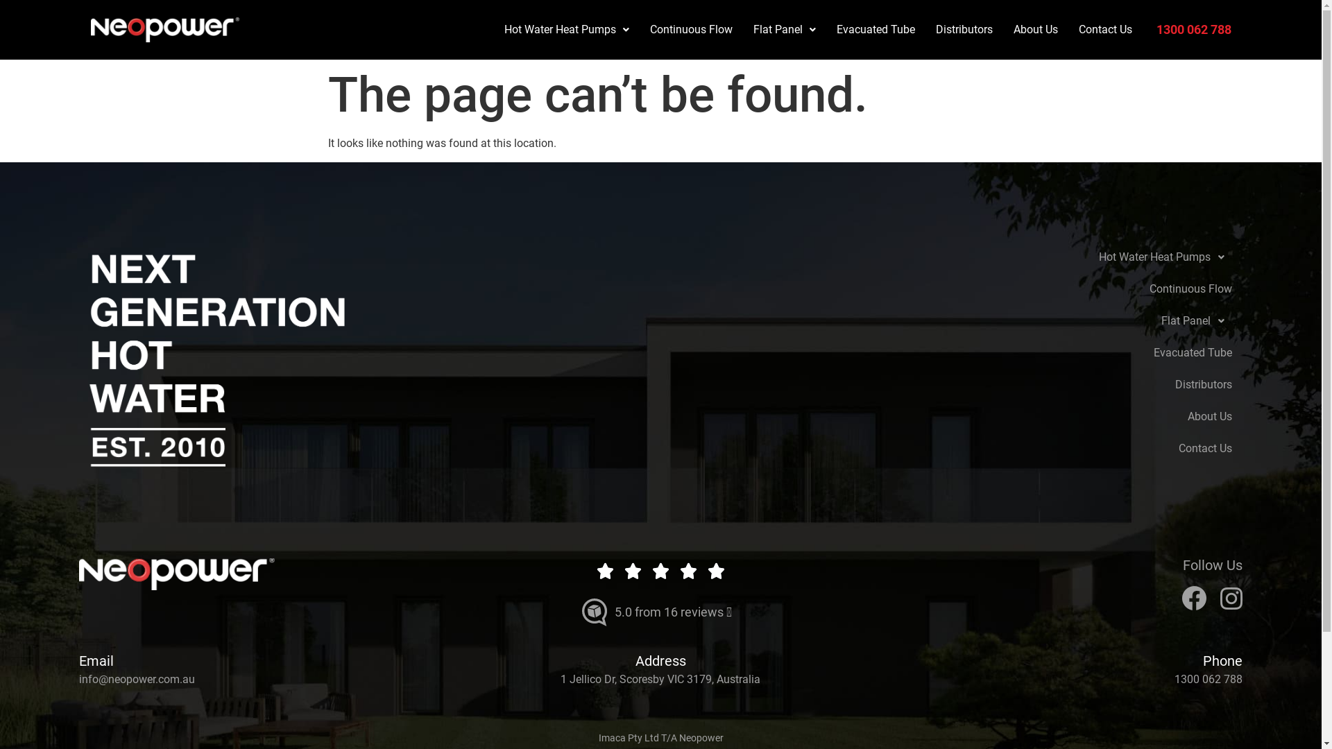 Image resolution: width=1332 pixels, height=749 pixels. I want to click on '1 Jellico Dr, Scoresby VIC 3179, Australia', so click(659, 678).